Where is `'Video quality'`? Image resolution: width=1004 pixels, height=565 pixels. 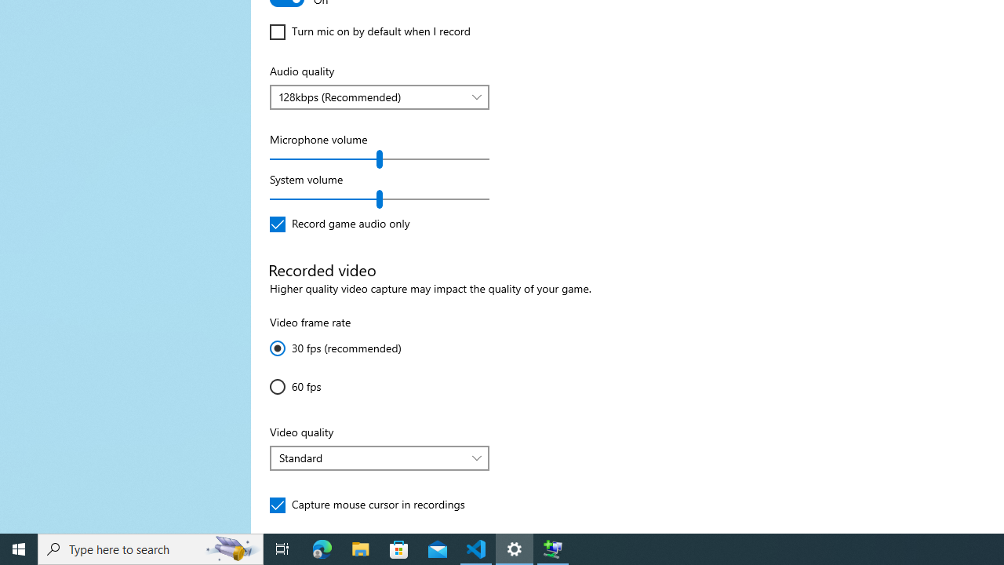 'Video quality' is located at coordinates (380, 457).